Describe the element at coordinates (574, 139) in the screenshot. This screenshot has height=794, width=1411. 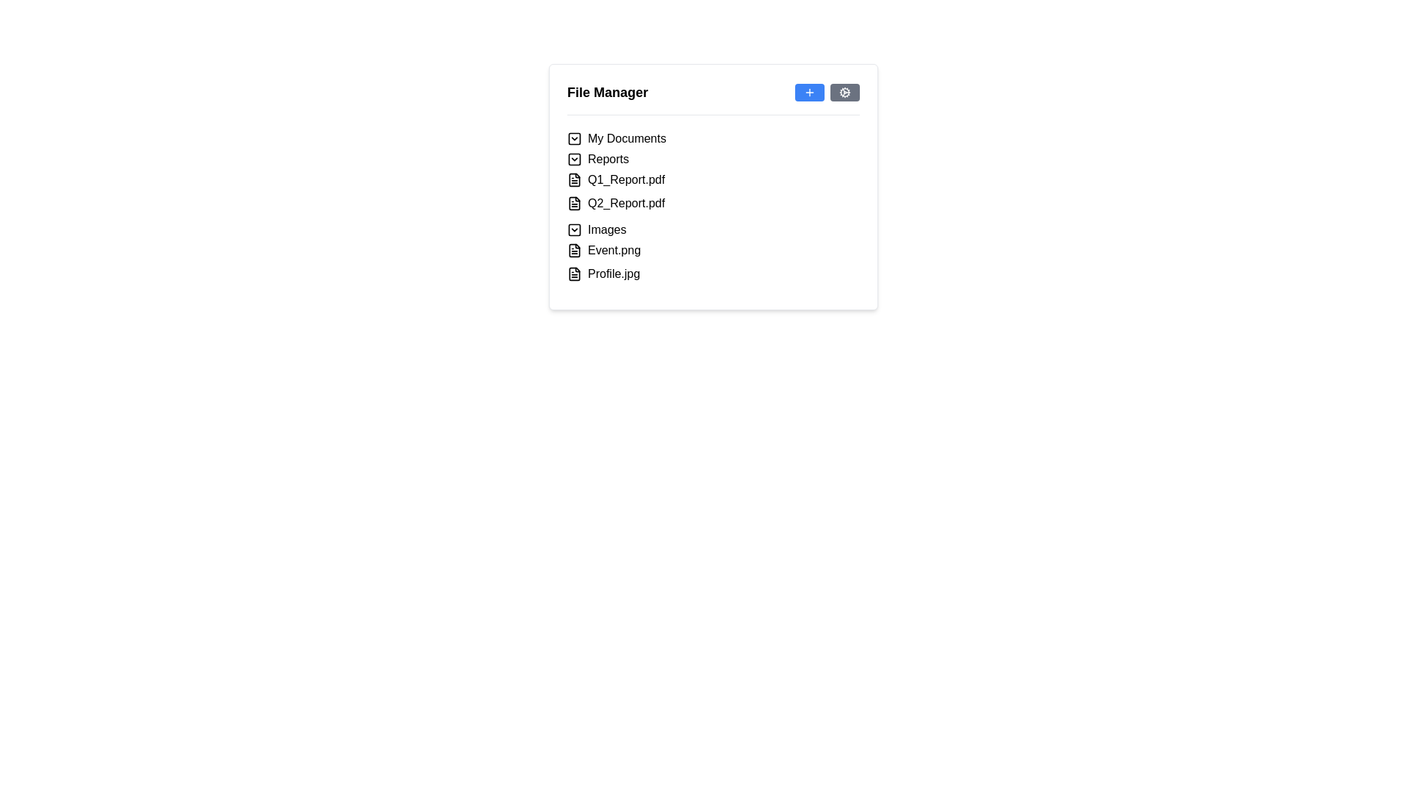
I see `the chevron icon` at that location.